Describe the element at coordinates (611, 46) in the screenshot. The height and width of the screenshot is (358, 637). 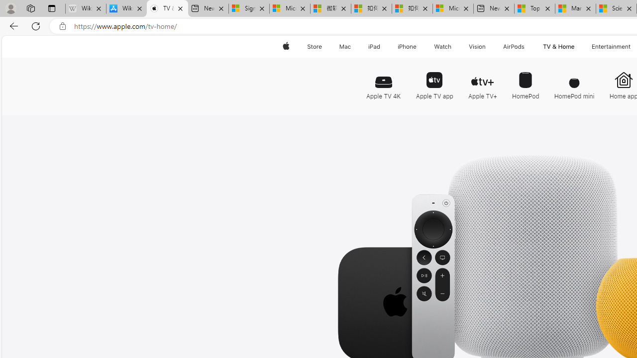
I see `'Entertainment'` at that location.